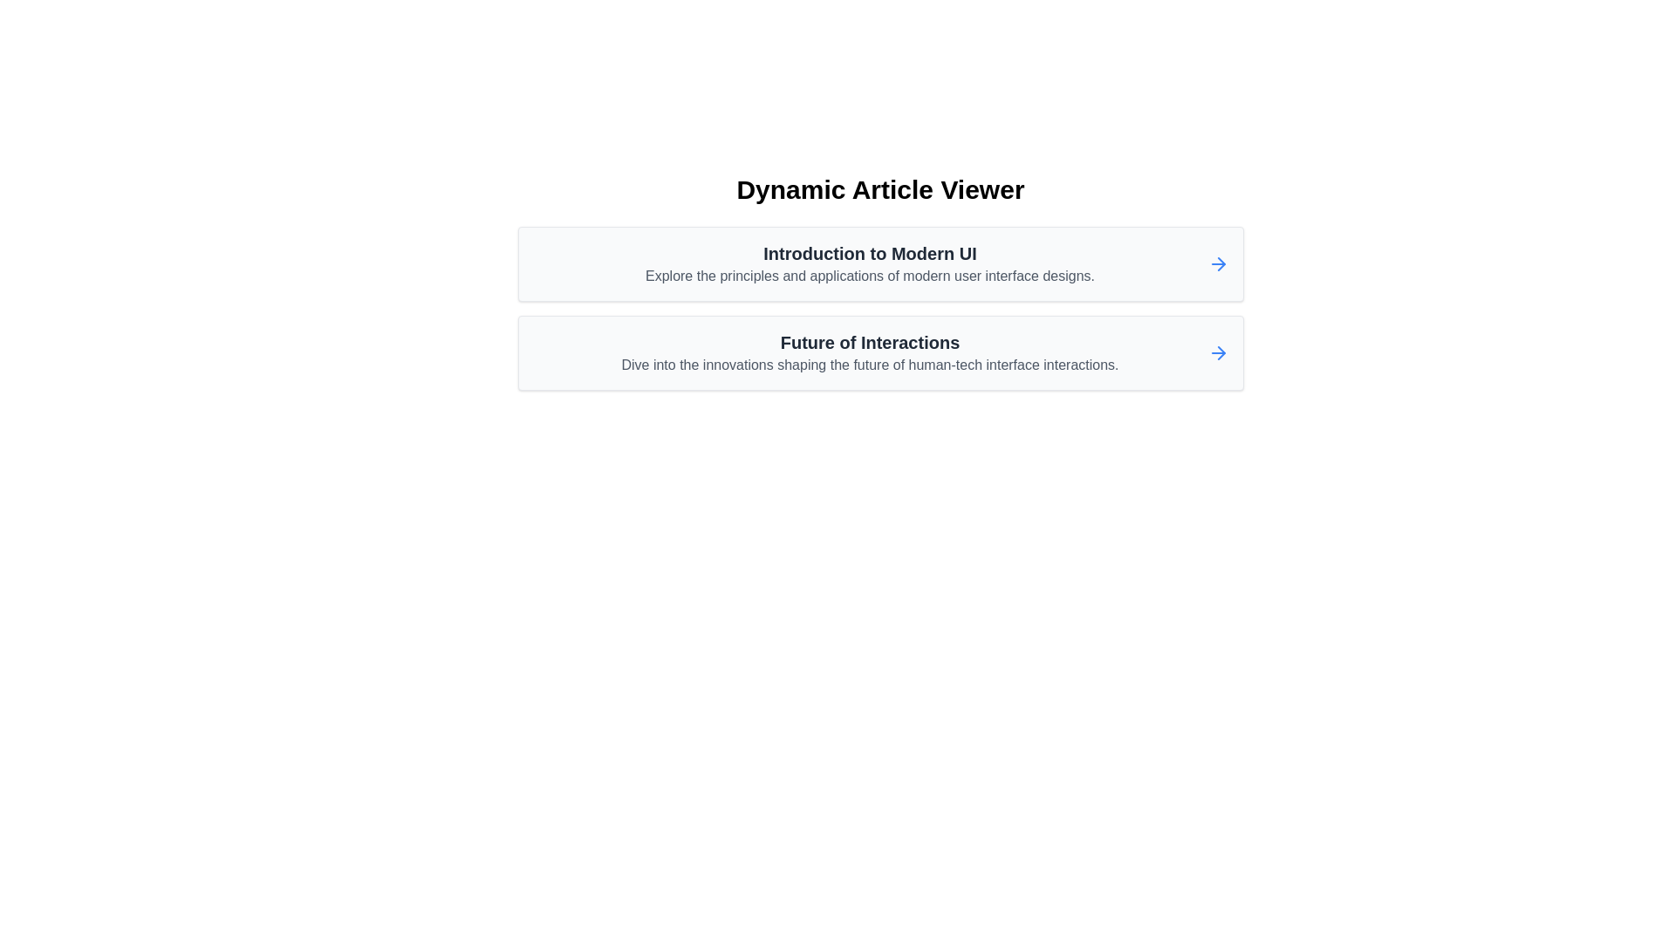  I want to click on the blue right-pointing arrow icon located to the right of the second item in the list, next to the 'Future of Interactions' text, so click(1220, 353).